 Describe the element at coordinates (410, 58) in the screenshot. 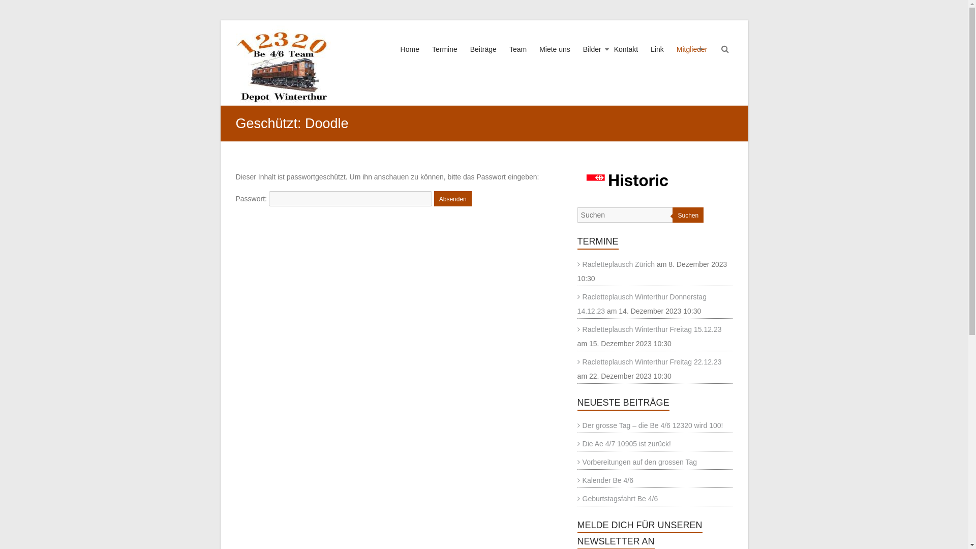

I see `'Home'` at that location.